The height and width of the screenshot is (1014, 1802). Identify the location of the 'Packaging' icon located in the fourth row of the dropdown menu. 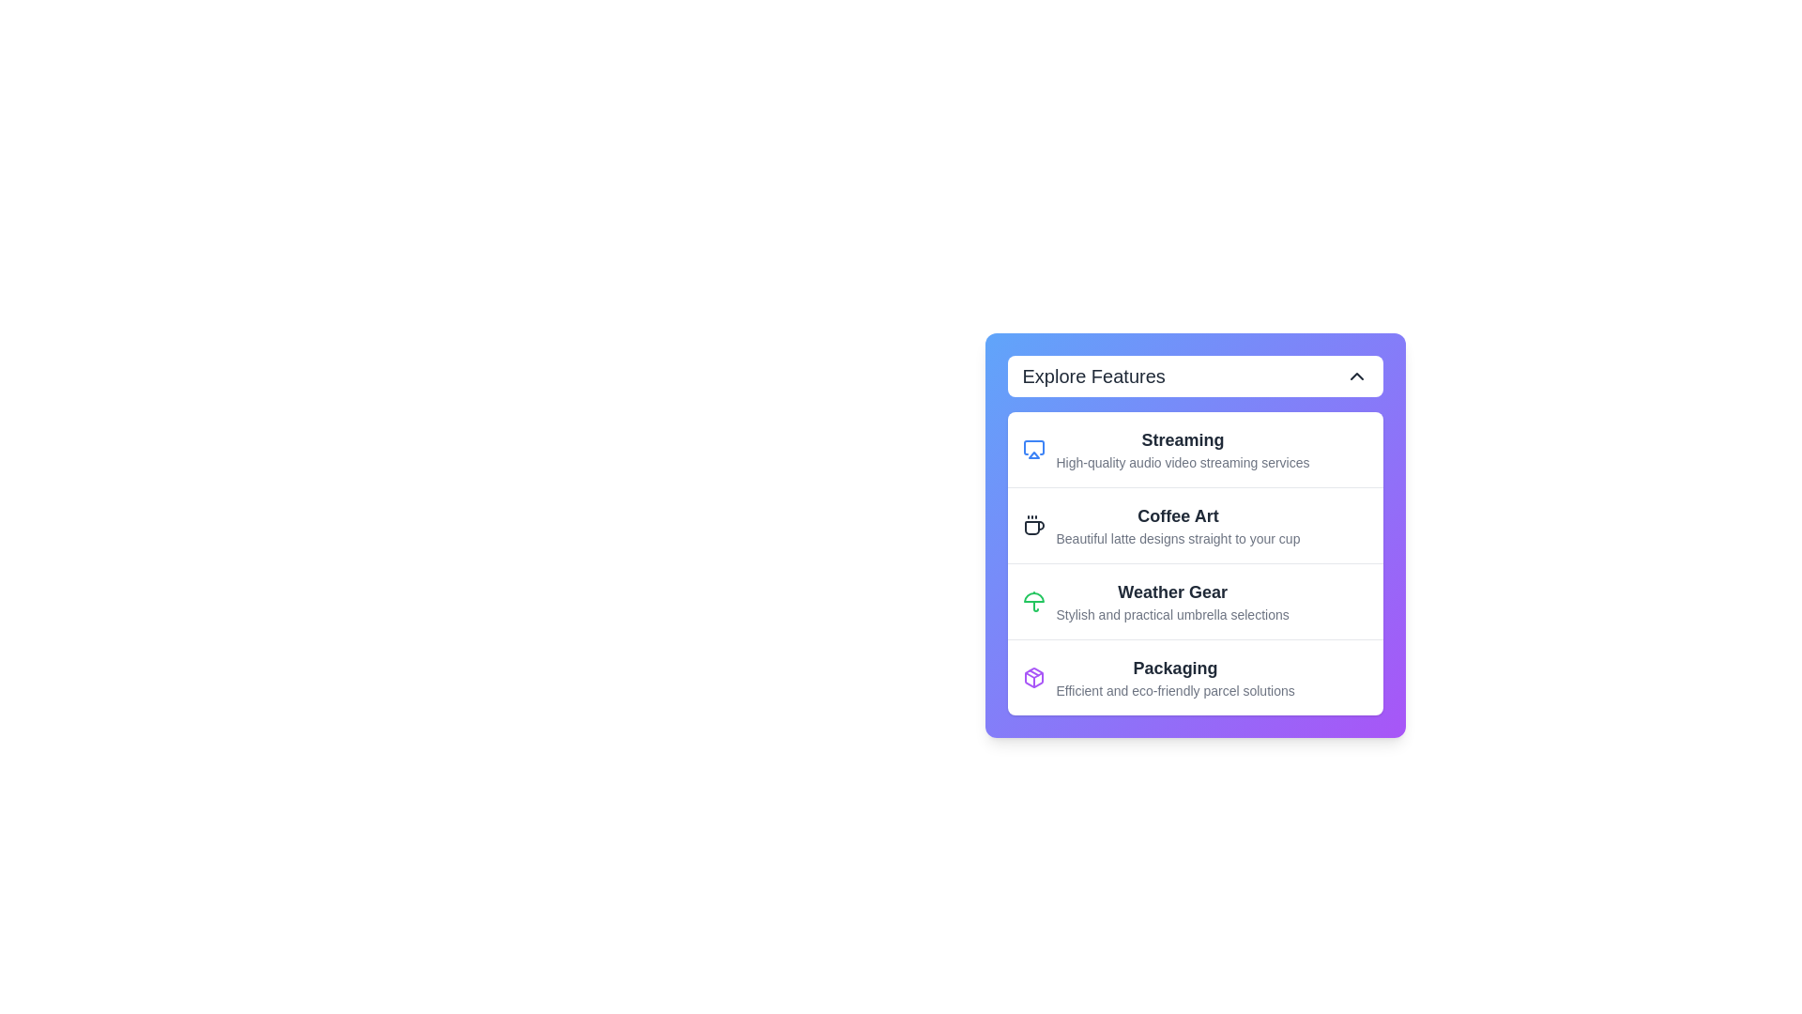
(1032, 677).